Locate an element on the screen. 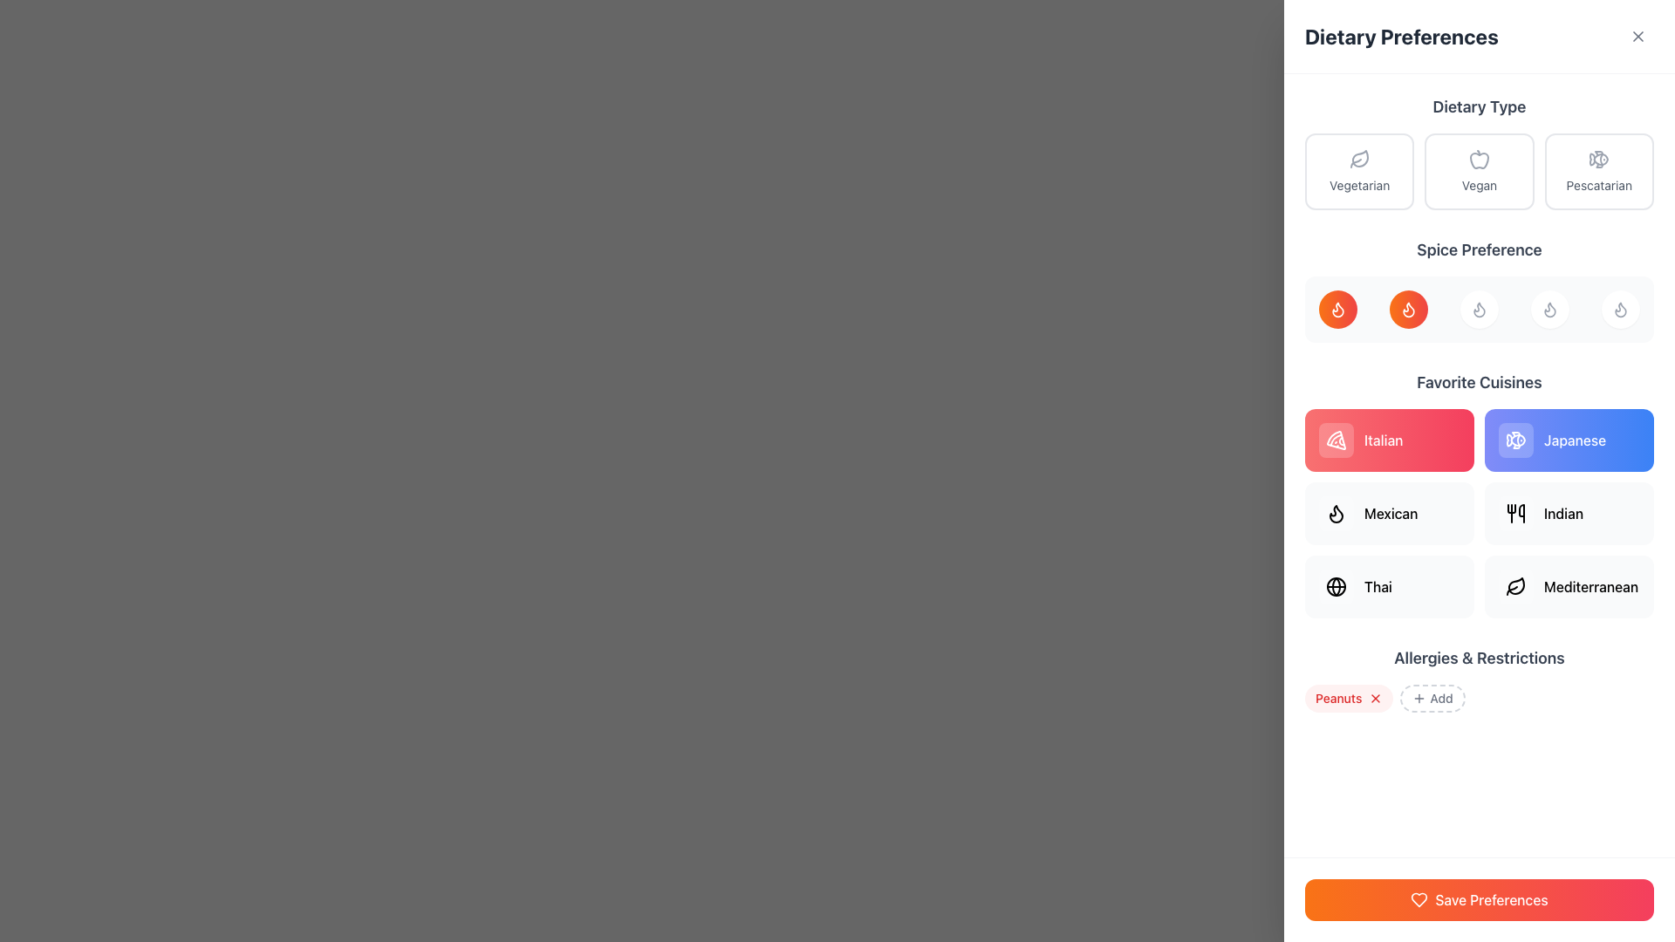  the flame icon representing spiciness in the 'Favorite Cuisines' section, specifically within the 'Mexican' button is located at coordinates (1335, 513).